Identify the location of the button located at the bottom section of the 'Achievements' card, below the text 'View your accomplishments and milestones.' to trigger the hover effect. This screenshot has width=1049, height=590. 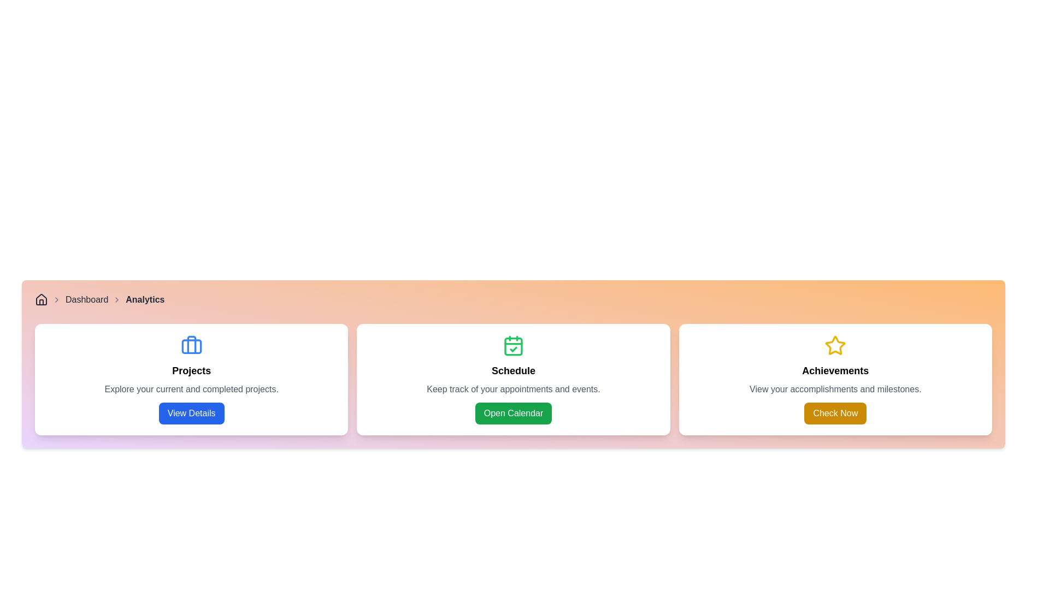
(835, 413).